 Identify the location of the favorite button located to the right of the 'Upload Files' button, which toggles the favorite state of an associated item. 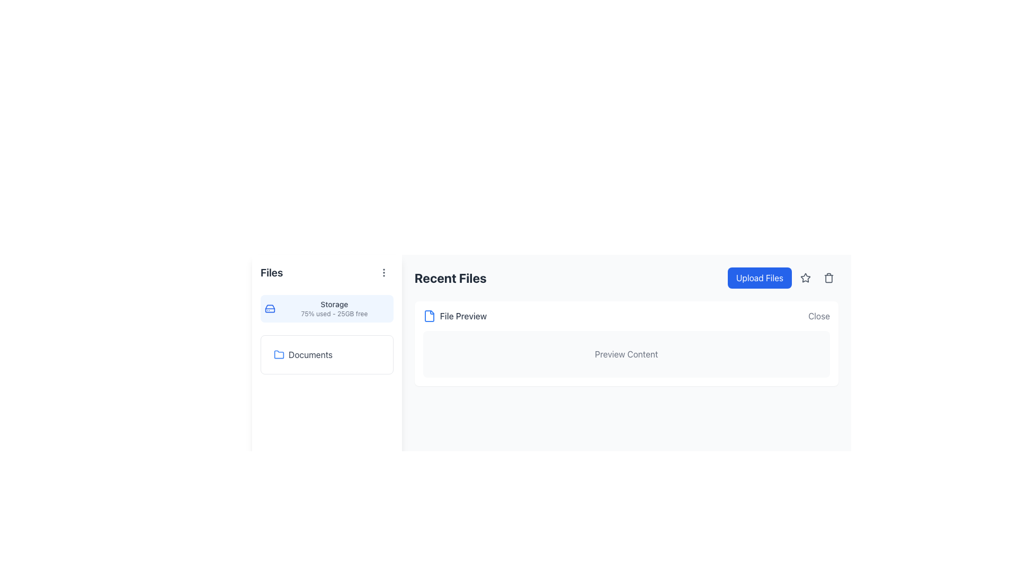
(805, 277).